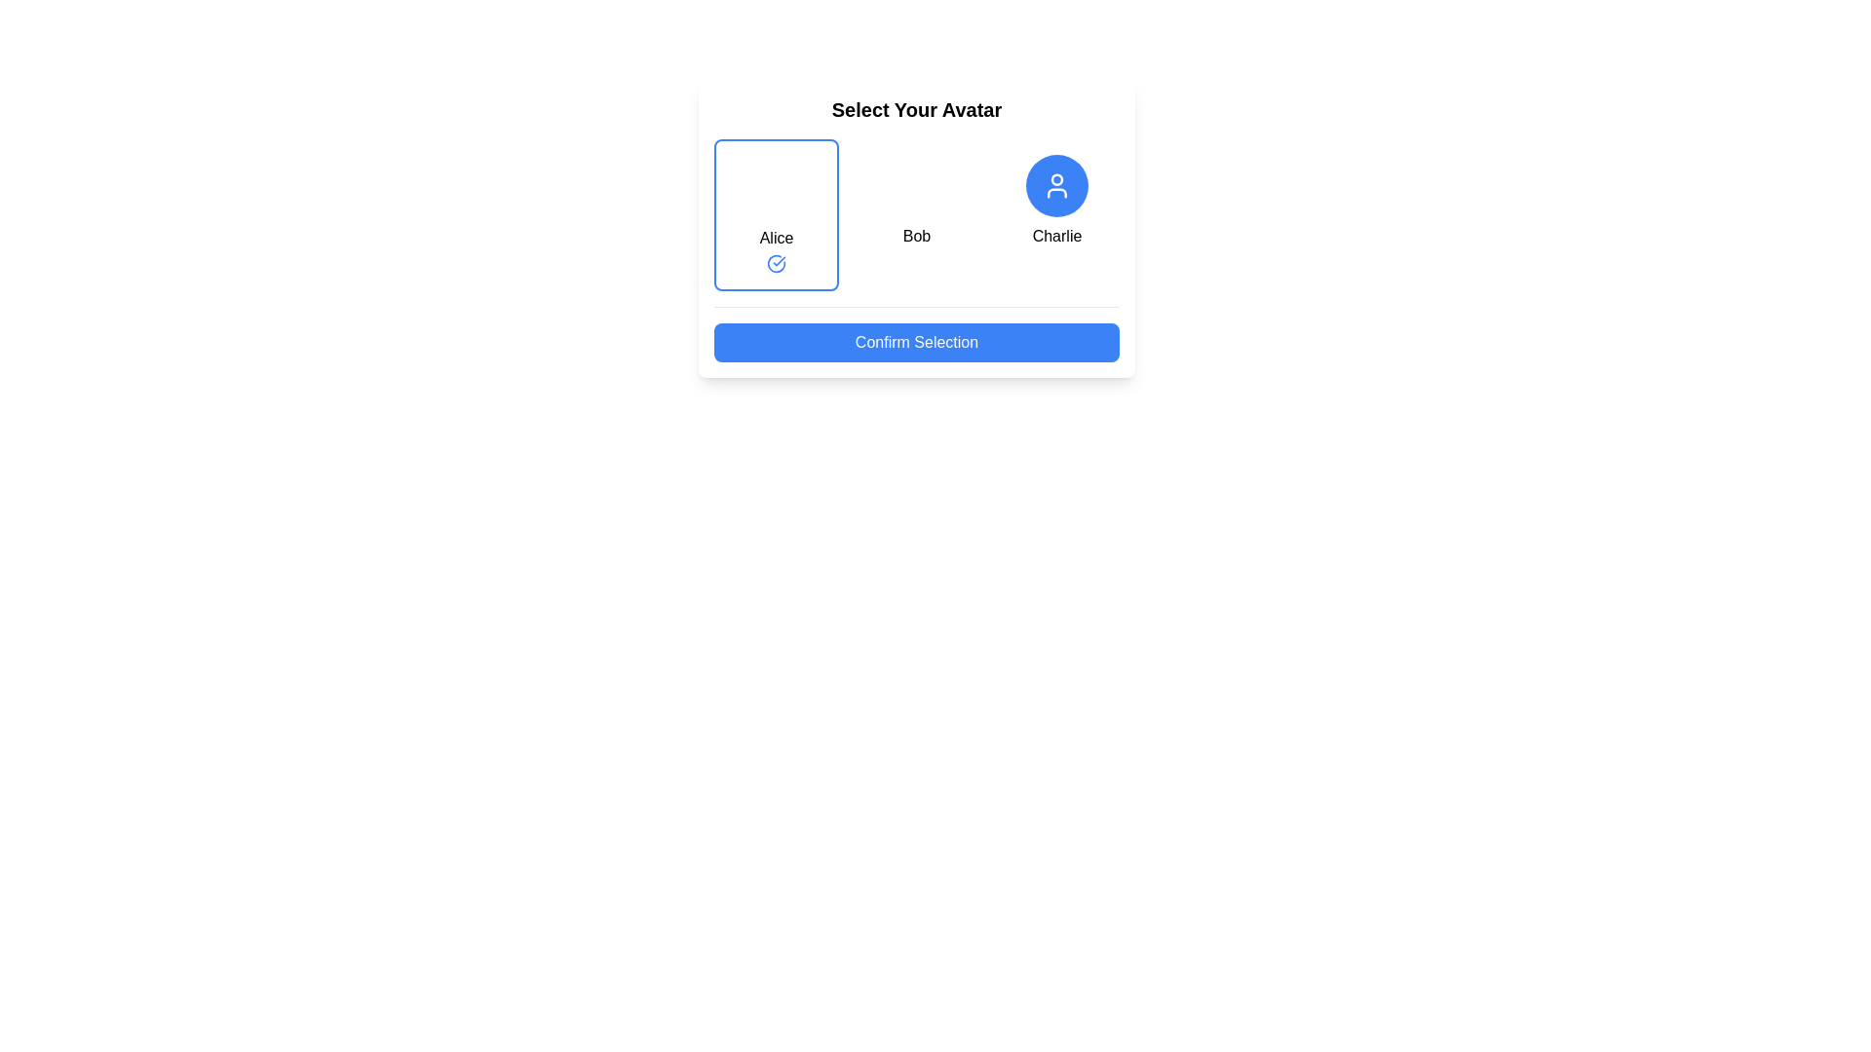  Describe the element at coordinates (915, 186) in the screenshot. I see `the Avatar selector button for 'Bob'` at that location.